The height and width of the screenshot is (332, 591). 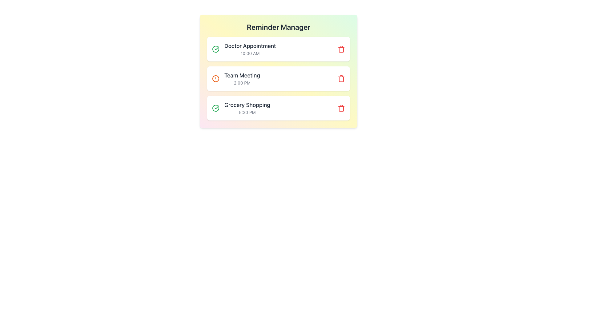 I want to click on the static text label displaying 'Doctor Appointment' in the 'Reminder Manager' interface, so click(x=250, y=46).